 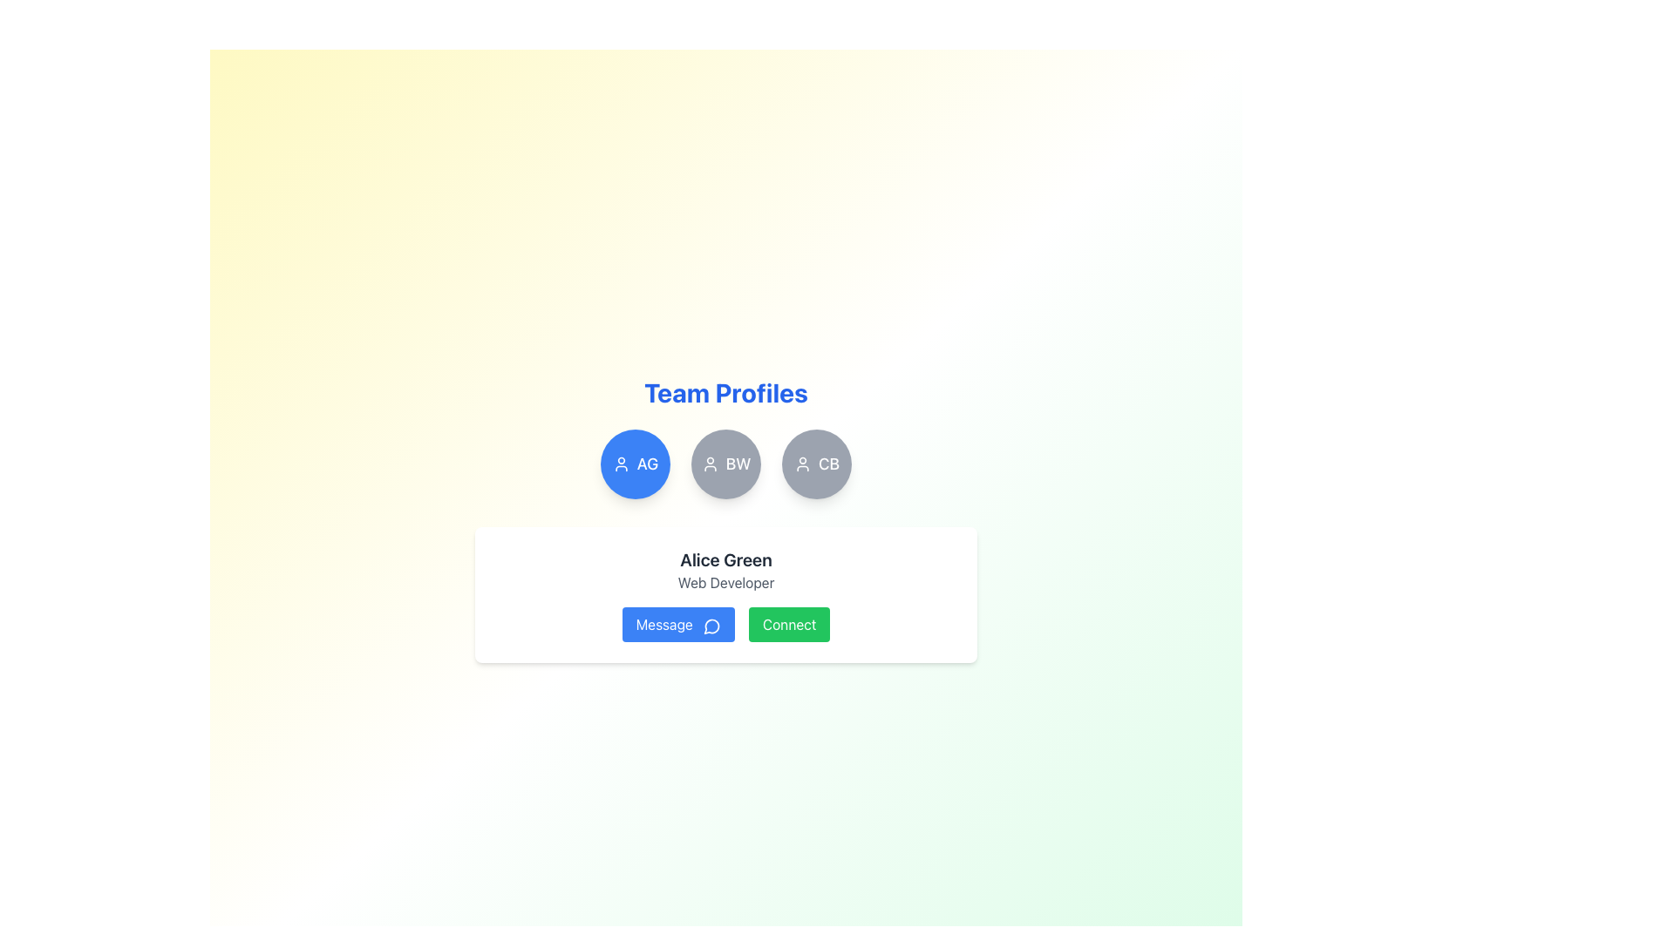 I want to click on the 'Connect' button located to the right of the blue 'Message' button in the user profile section for 'Alice Green, Web Developer', so click(x=788, y=624).